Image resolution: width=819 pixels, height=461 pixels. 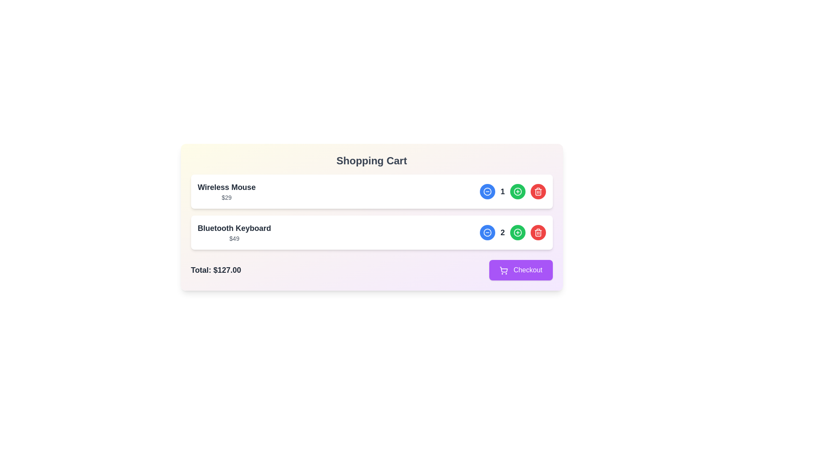 I want to click on the circular green button with a white plus sign to increase the quantity in the shopping cart row labeled 'Wireless Mouse', so click(x=517, y=191).